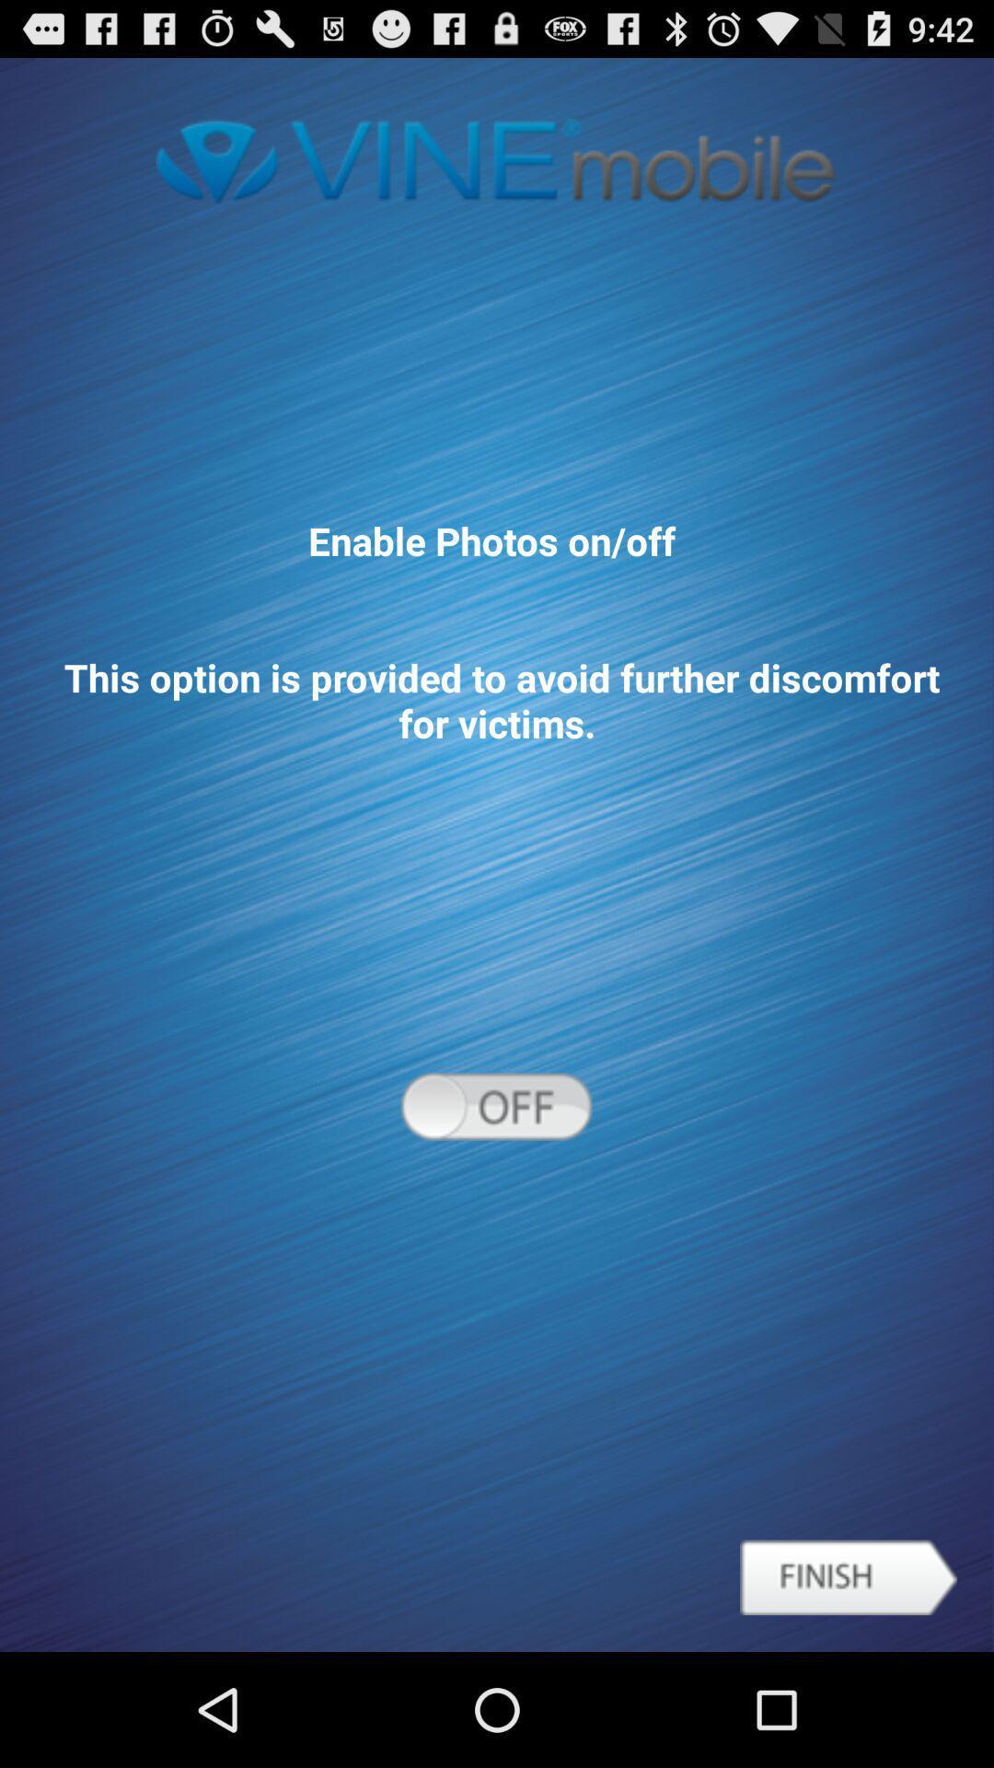 This screenshot has width=994, height=1768. What do you see at coordinates (849, 1576) in the screenshot?
I see `icon below enable photos on item` at bounding box center [849, 1576].